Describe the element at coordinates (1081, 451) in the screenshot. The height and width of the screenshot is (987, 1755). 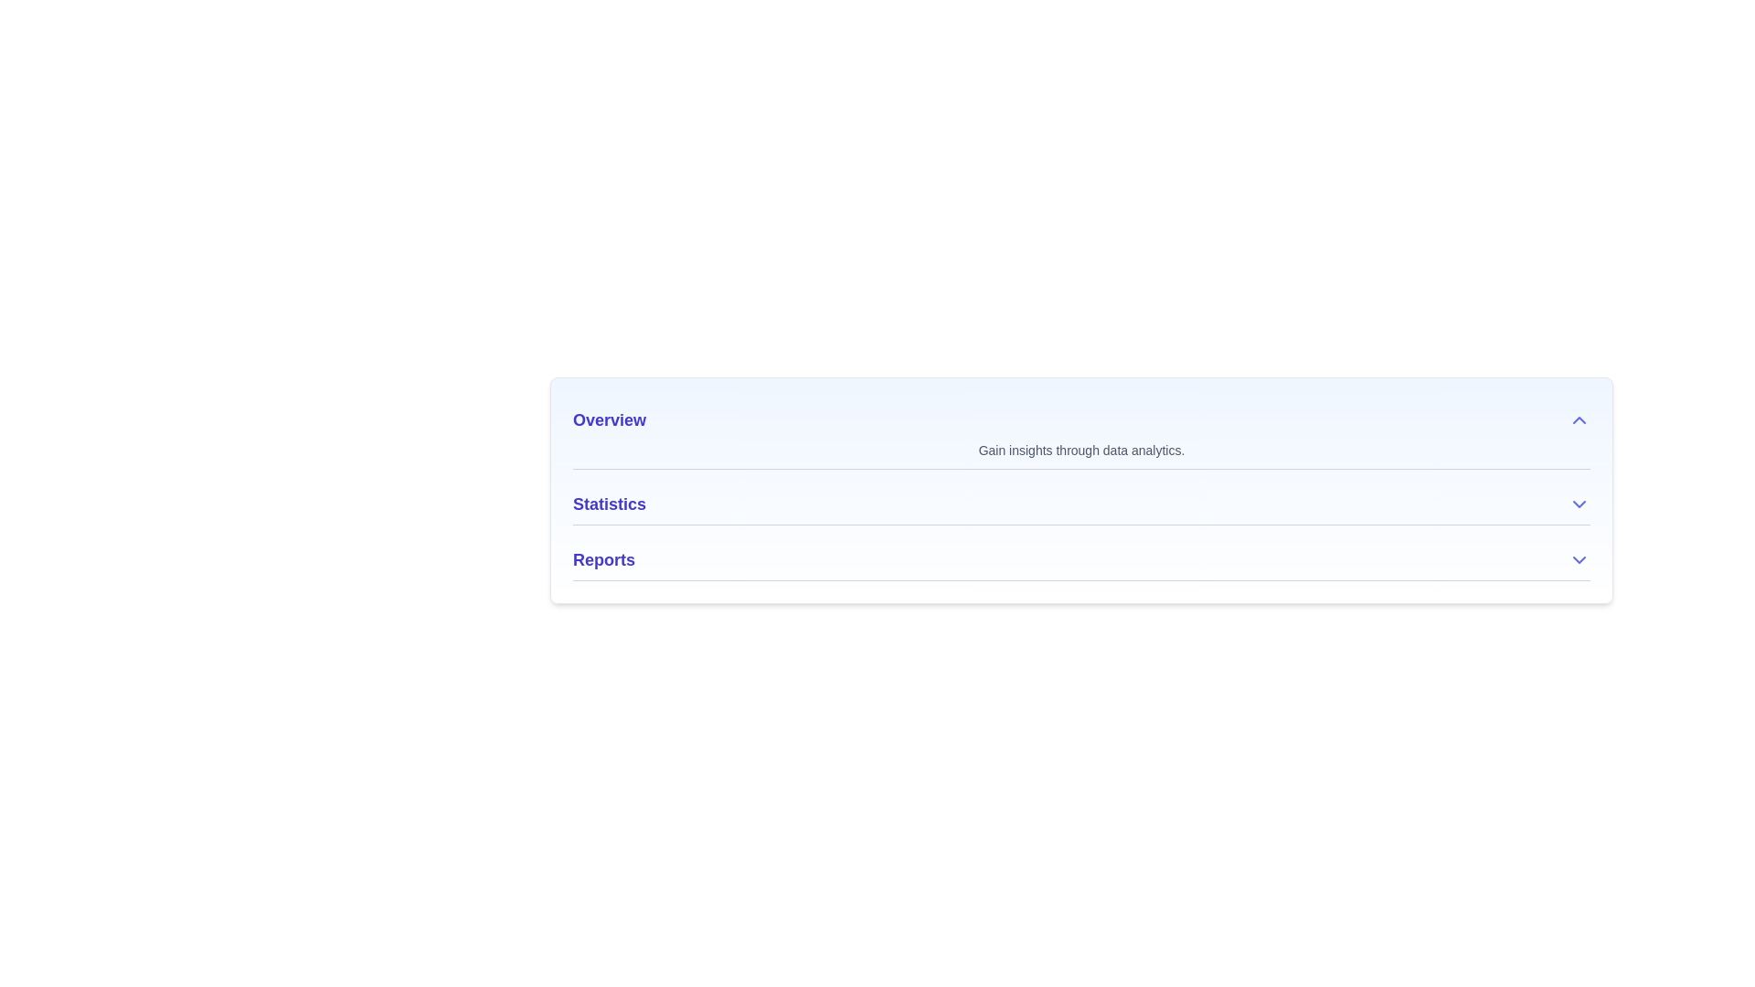
I see `the Text Label located below the 'Overview' heading, providing additional details about the 'Overview' section` at that location.